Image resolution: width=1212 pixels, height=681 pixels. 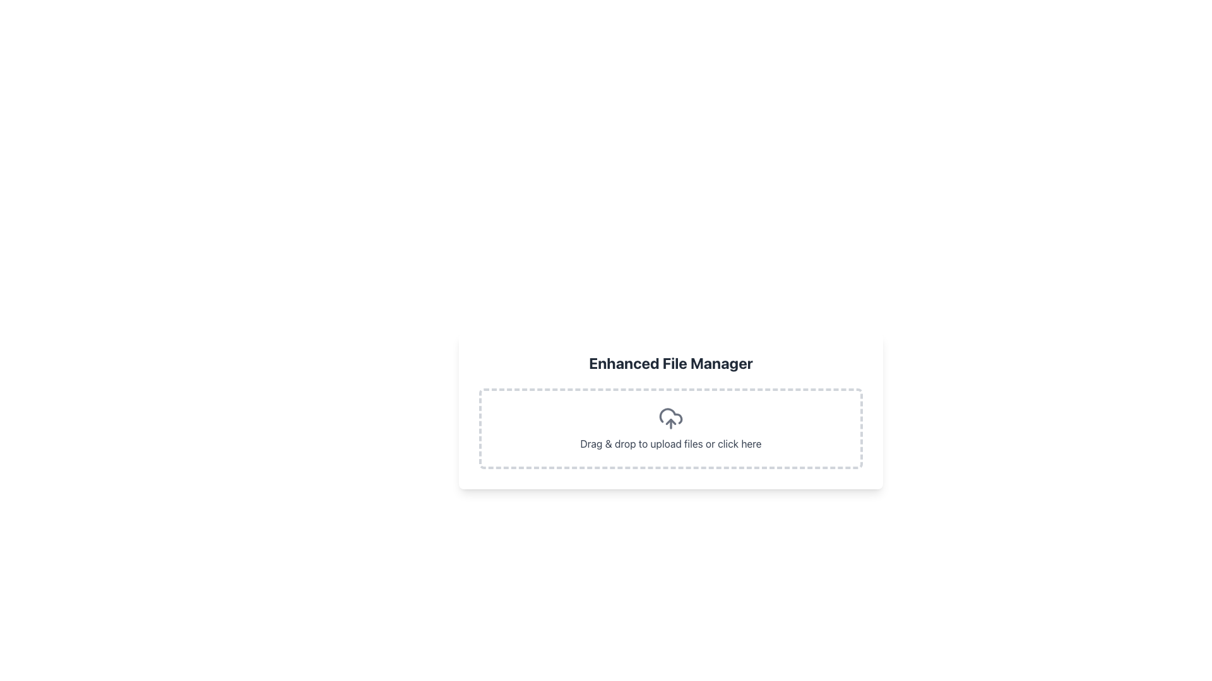 What do you see at coordinates (670, 410) in the screenshot?
I see `files onto the File Upload Area, which is a rectangular space with a white background, featuring the text 'Enhanced File Manager' and instructions for uploading files` at bounding box center [670, 410].